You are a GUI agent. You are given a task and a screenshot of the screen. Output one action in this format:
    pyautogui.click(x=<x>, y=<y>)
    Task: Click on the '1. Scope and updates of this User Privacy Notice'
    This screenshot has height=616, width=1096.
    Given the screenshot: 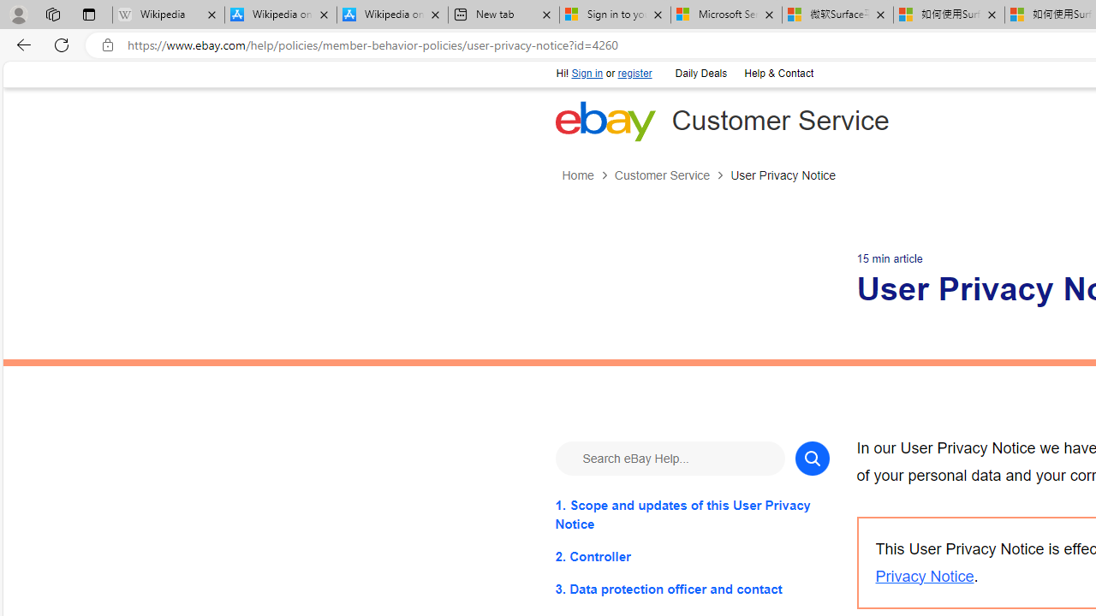 What is the action you would take?
    pyautogui.click(x=692, y=513)
    